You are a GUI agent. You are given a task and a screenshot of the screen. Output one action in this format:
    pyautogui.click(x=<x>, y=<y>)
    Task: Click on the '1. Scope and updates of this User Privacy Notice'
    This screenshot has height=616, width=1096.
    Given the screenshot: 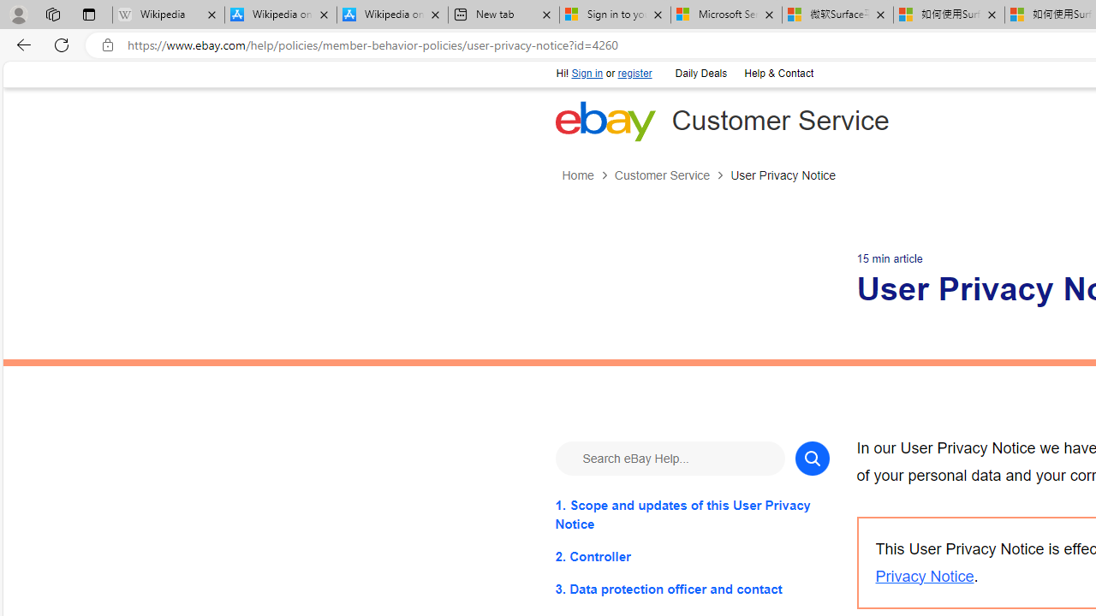 What is the action you would take?
    pyautogui.click(x=692, y=513)
    